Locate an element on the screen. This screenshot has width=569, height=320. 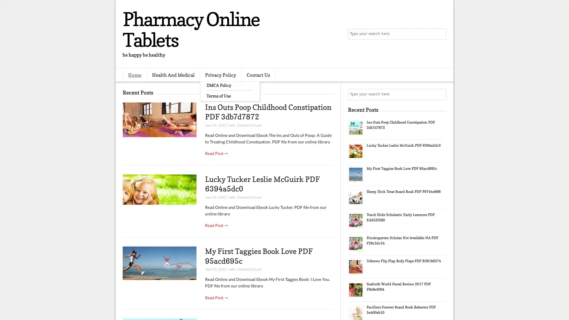
Search is located at coordinates (440, 34).